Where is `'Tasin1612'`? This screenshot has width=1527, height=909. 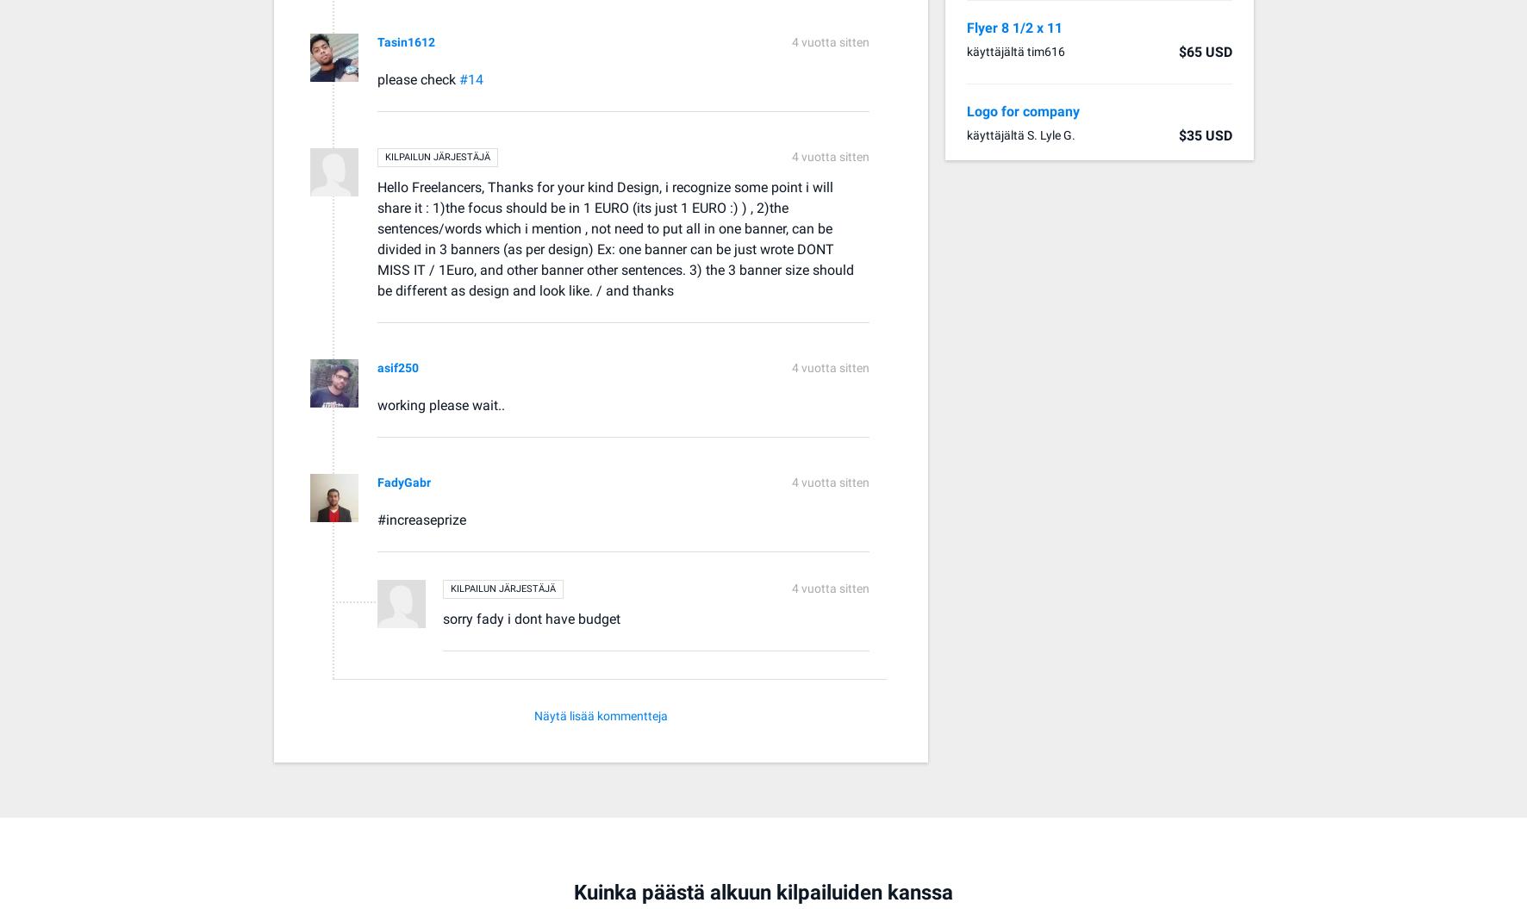 'Tasin1612' is located at coordinates (377, 41).